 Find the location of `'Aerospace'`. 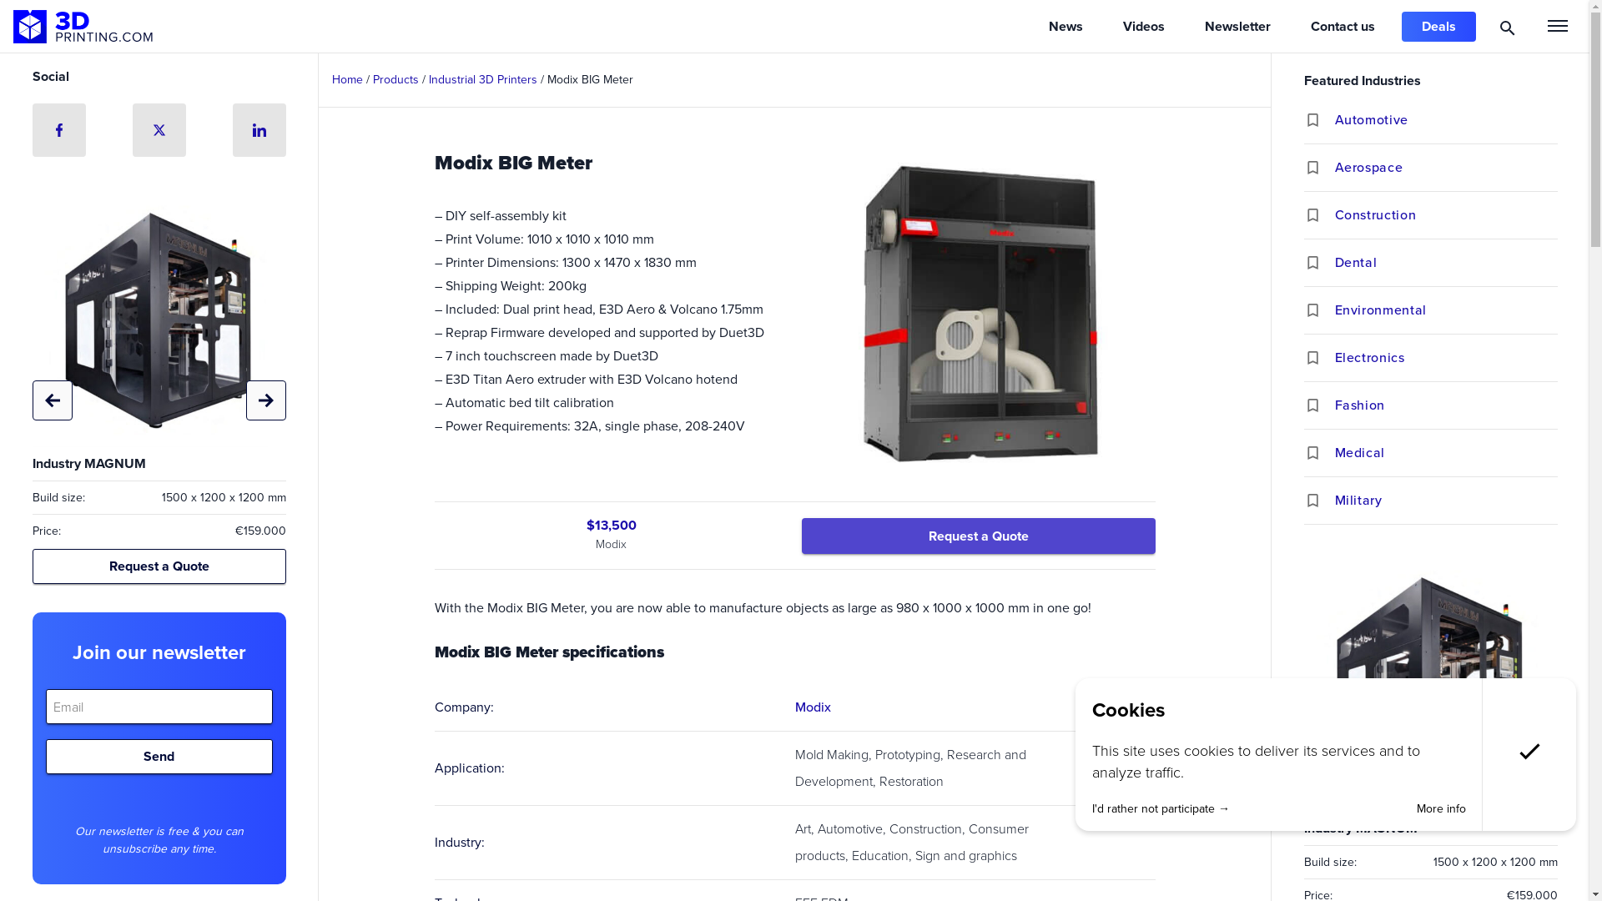

'Aerospace' is located at coordinates (1445, 167).